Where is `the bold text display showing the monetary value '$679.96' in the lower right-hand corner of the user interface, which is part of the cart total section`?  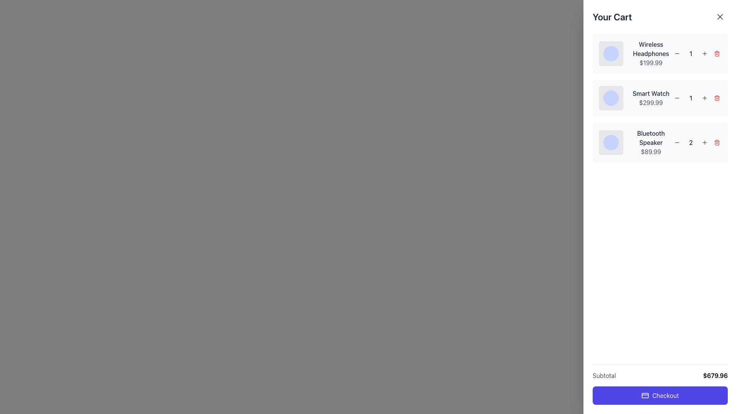
the bold text display showing the monetary value '$679.96' in the lower right-hand corner of the user interface, which is part of the cart total section is located at coordinates (715, 375).